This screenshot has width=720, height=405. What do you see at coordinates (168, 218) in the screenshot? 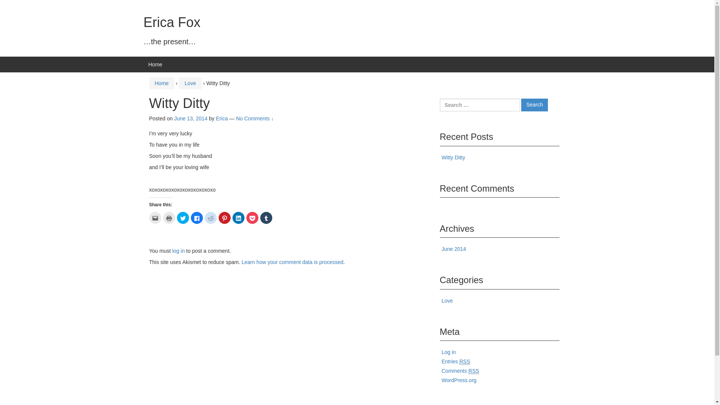
I see `'Click to print (Opens in new window)'` at bounding box center [168, 218].